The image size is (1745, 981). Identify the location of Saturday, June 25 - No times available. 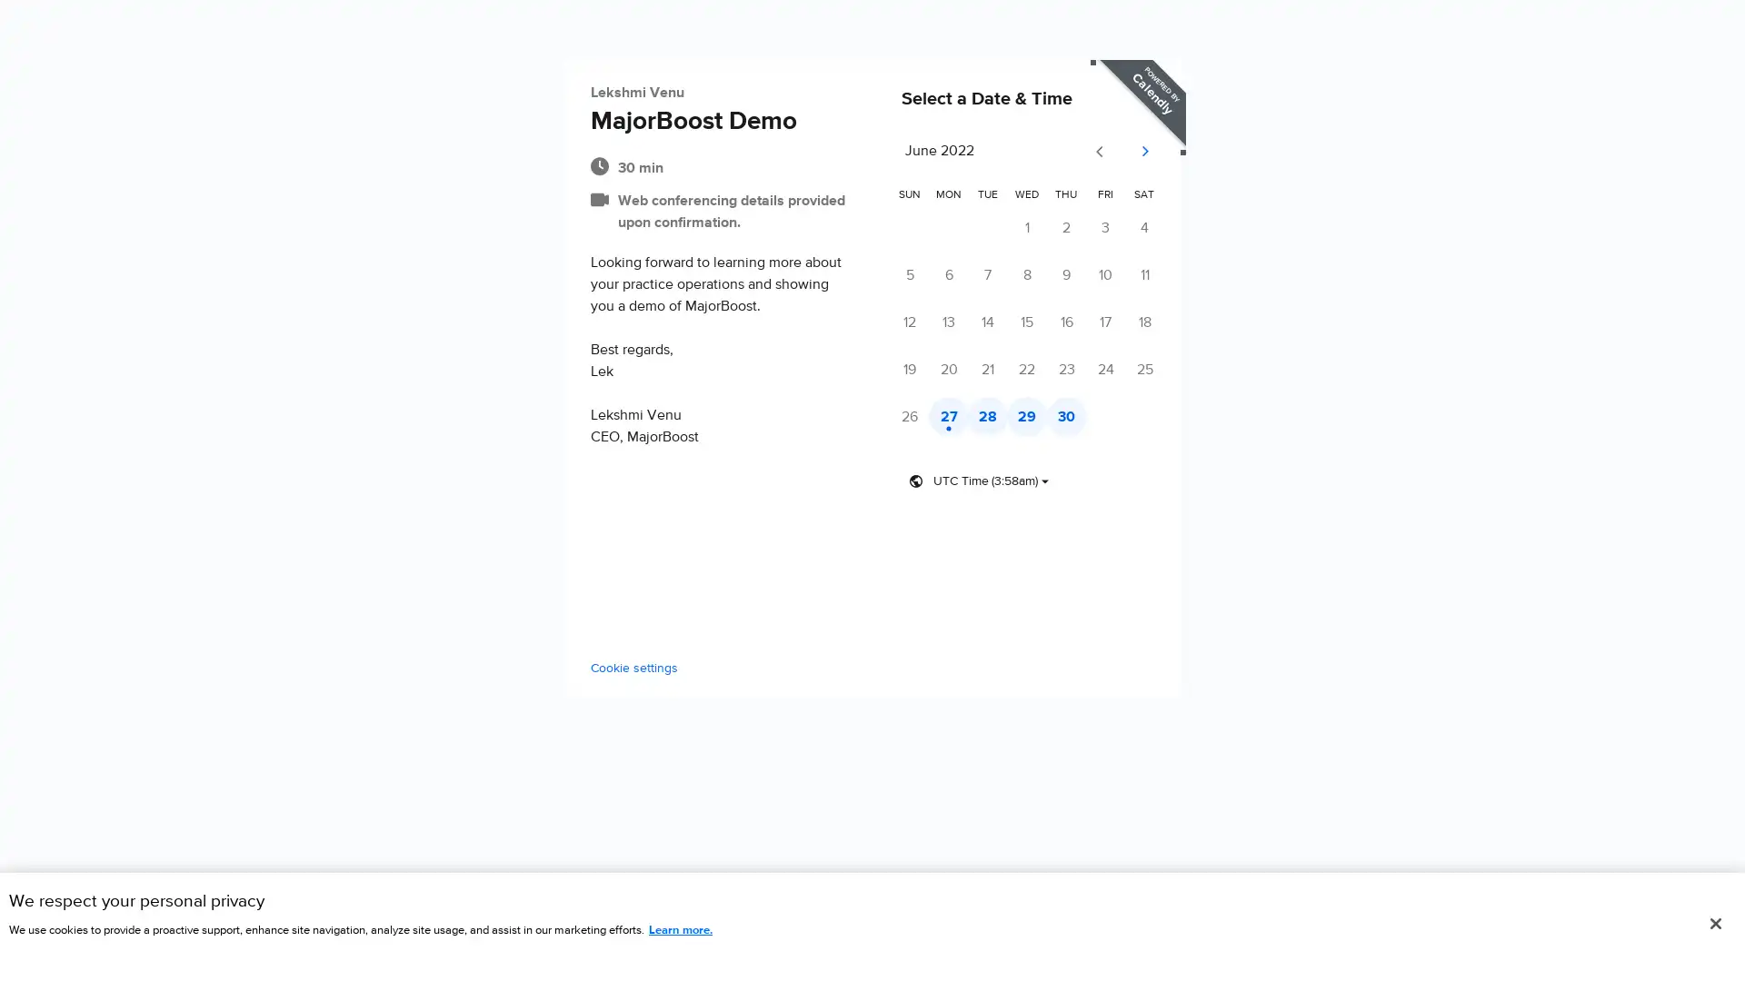
(1194, 370).